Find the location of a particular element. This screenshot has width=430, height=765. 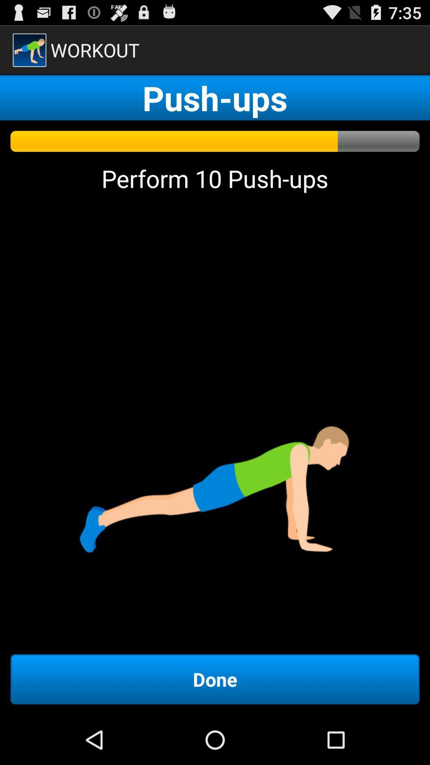

the done at the bottom is located at coordinates (215, 679).